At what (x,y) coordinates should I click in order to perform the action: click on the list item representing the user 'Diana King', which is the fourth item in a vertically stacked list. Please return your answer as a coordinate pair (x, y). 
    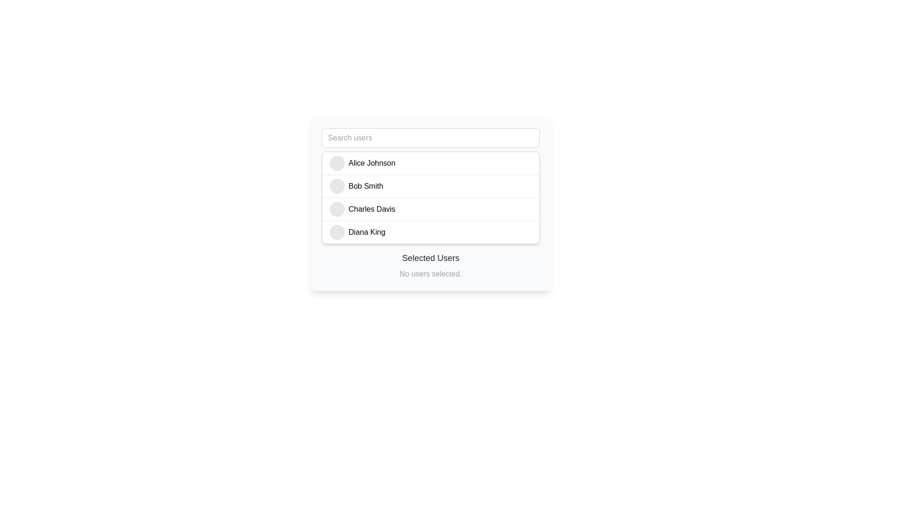
    Looking at the image, I should click on (430, 231).